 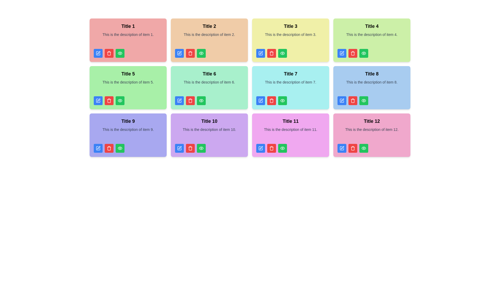 What do you see at coordinates (353, 53) in the screenshot?
I see `the delete icon located within the red button on the card titled 'Title 4', which is positioned at the bottom of the card, between a blue button and a green button` at bounding box center [353, 53].